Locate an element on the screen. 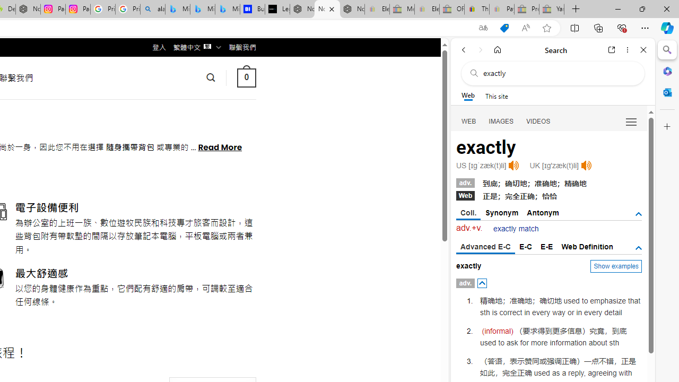 This screenshot has width=679, height=382. 'AutomationID: posbtn_0' is located at coordinates (481, 282).